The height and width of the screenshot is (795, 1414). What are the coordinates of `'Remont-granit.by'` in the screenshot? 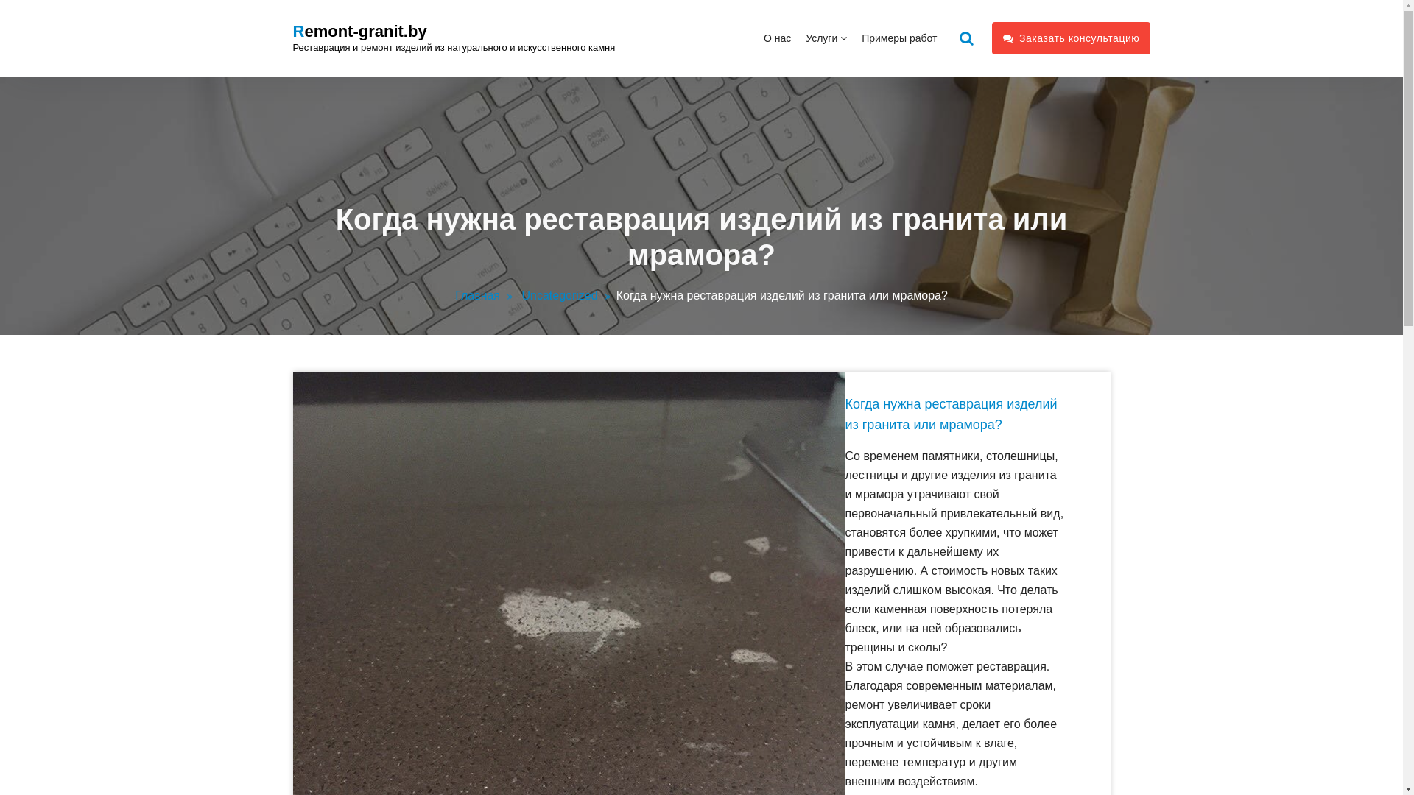 It's located at (360, 31).